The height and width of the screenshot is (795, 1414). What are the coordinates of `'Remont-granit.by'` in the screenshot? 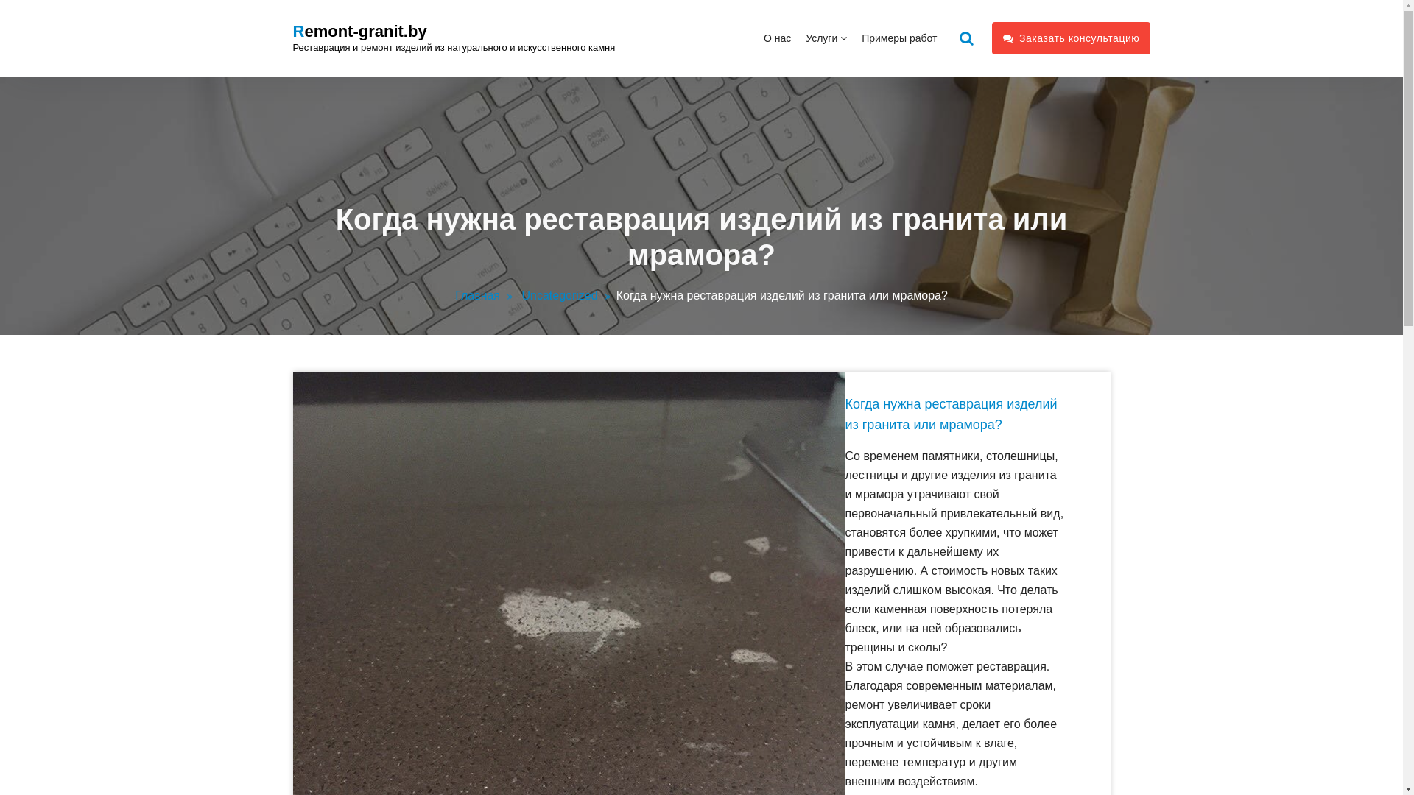 It's located at (360, 31).